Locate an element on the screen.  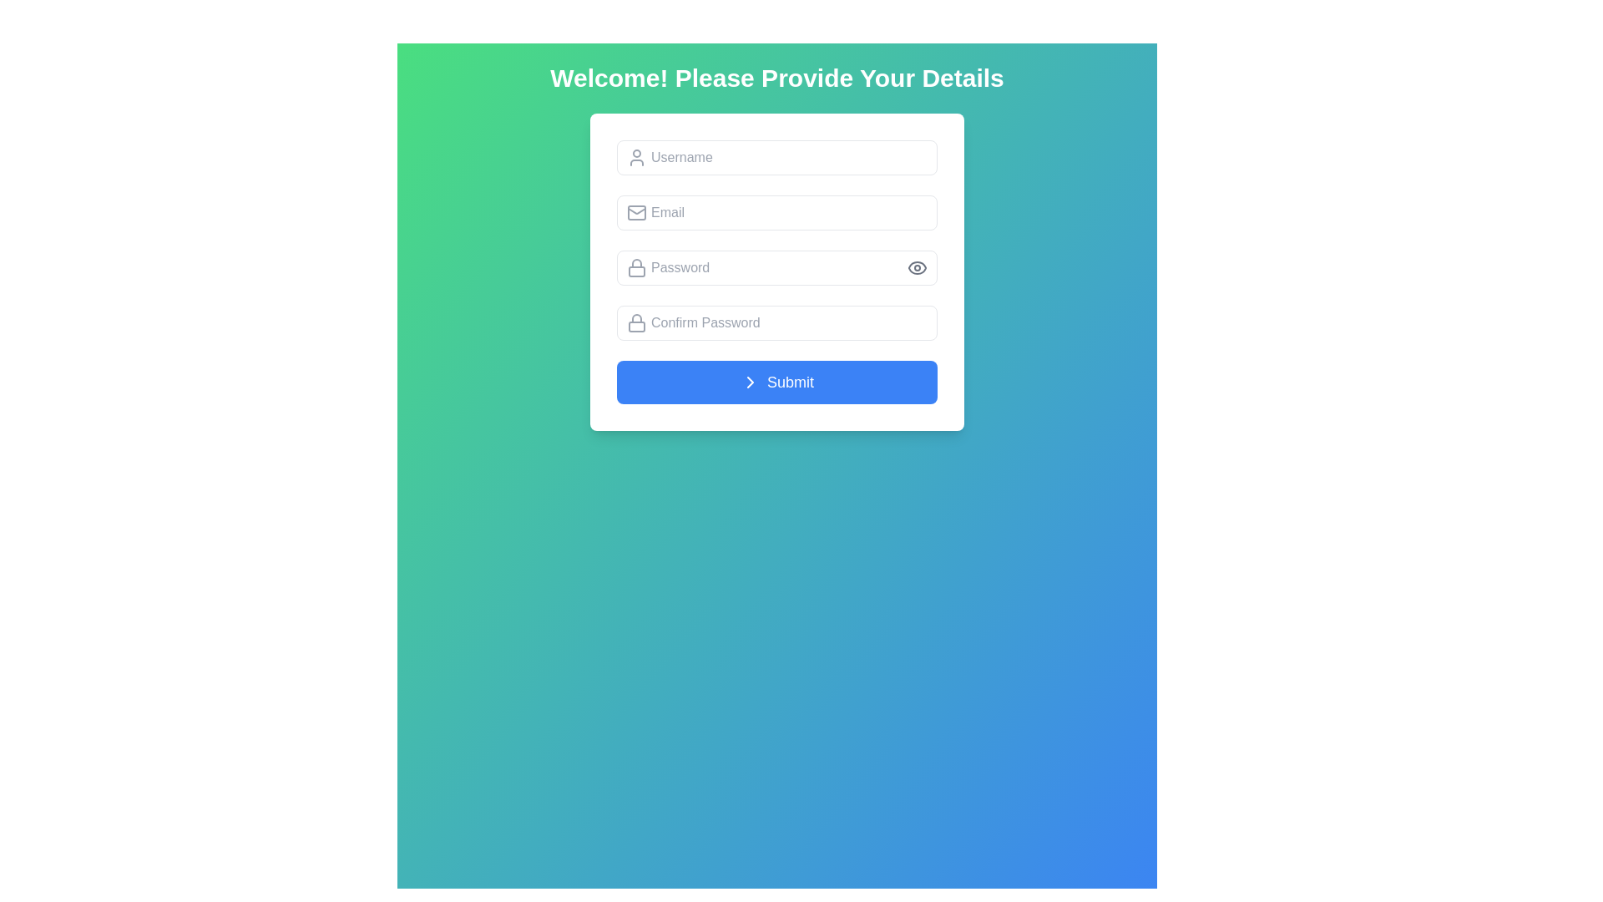
the SVG rectangle that visually indicates the 'Email' input field in the envelope icon, which is the first graphic component among its siblings is located at coordinates (636, 211).